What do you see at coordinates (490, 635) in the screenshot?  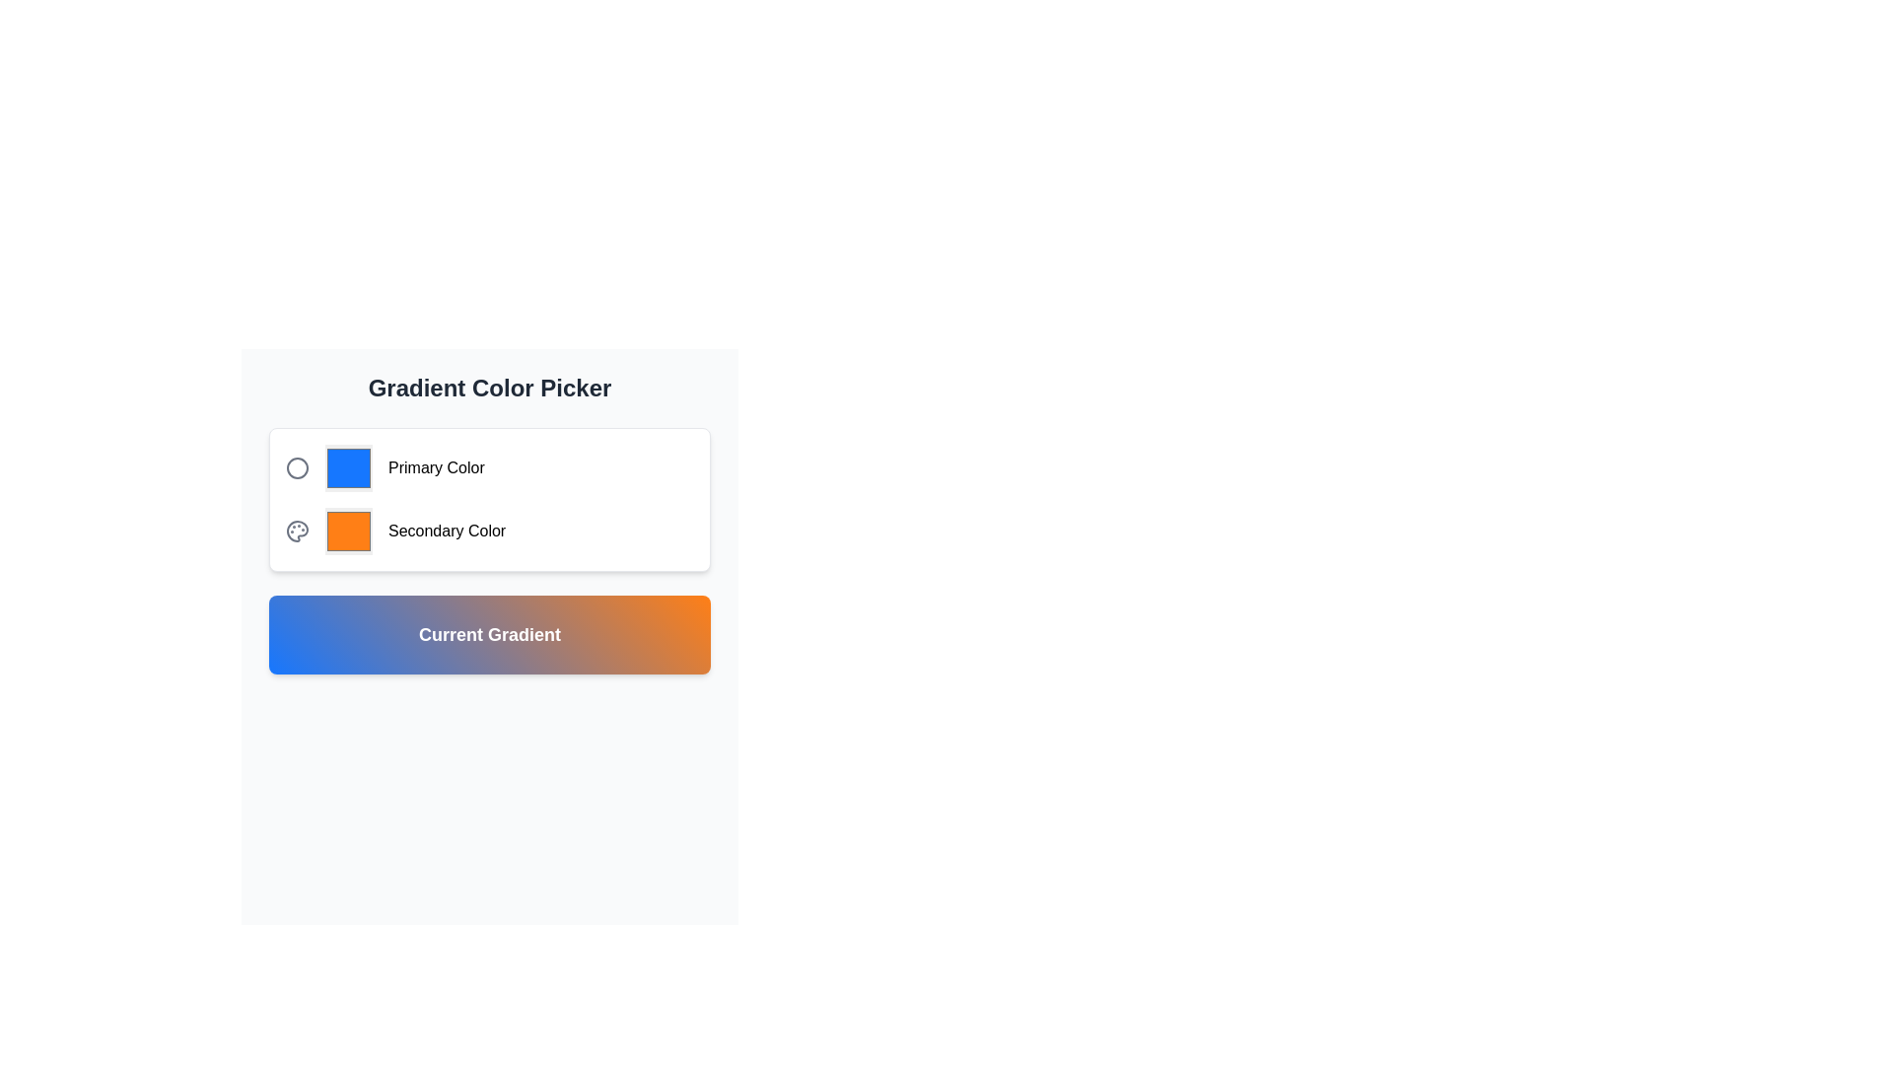 I see `the text label 'Current Gradient' which serves as a descriptor for the gradient section, located below the 'Primary Color' and 'Secondary Color' selectors` at bounding box center [490, 635].